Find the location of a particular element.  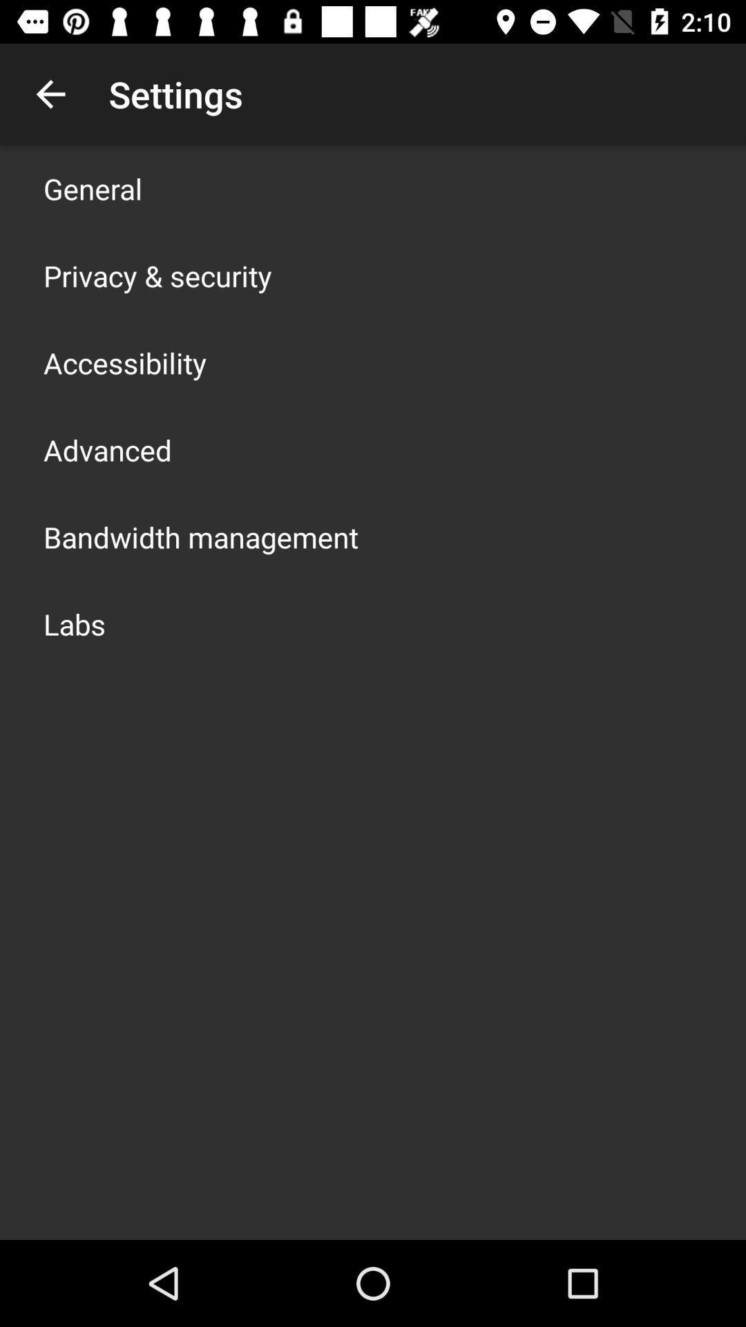

advanced icon is located at coordinates (106, 450).